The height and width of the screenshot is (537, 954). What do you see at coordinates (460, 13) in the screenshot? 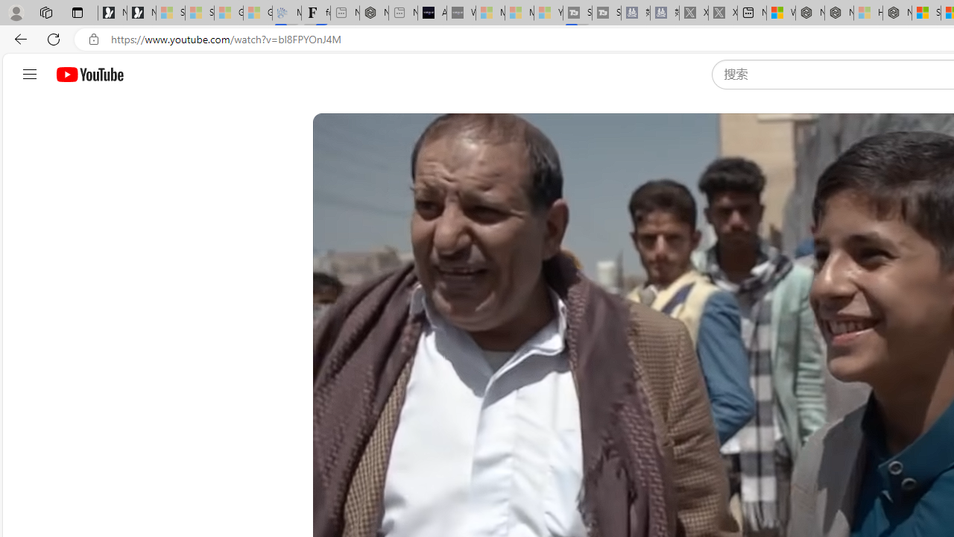
I see `'What'` at bounding box center [460, 13].